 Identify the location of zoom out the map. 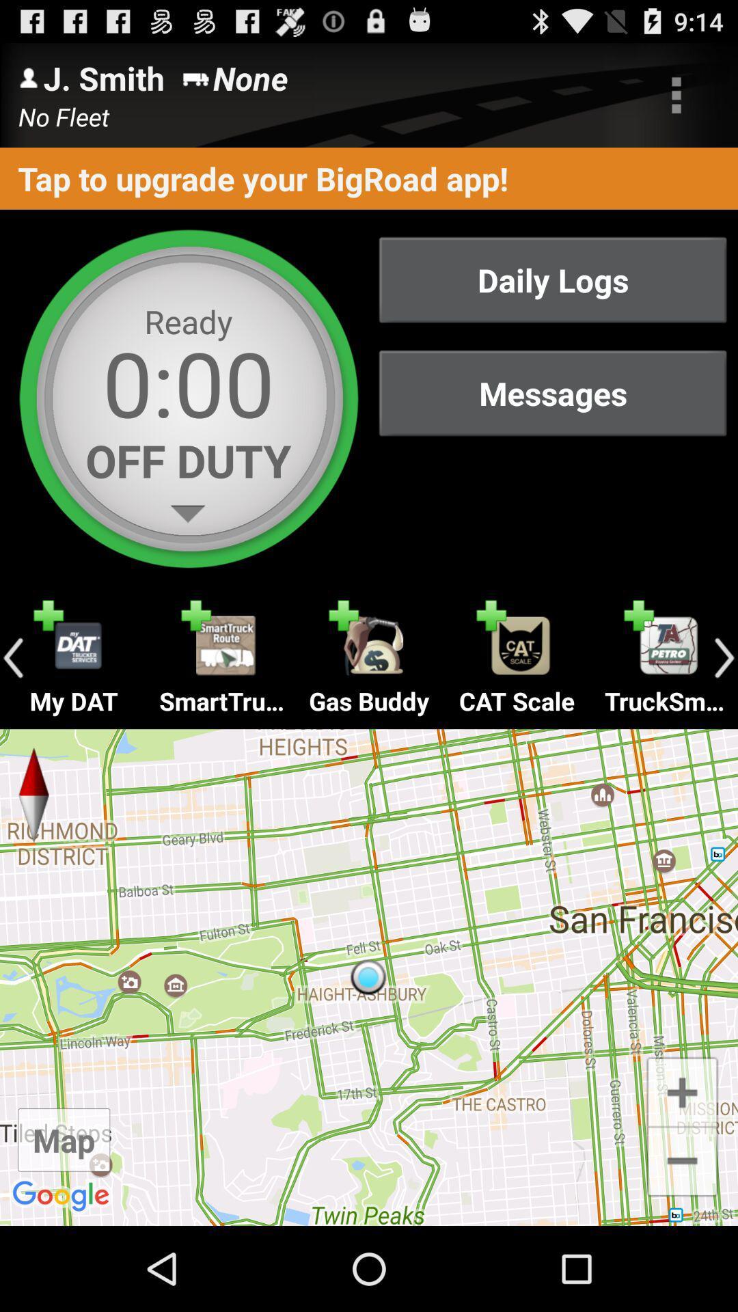
(682, 1162).